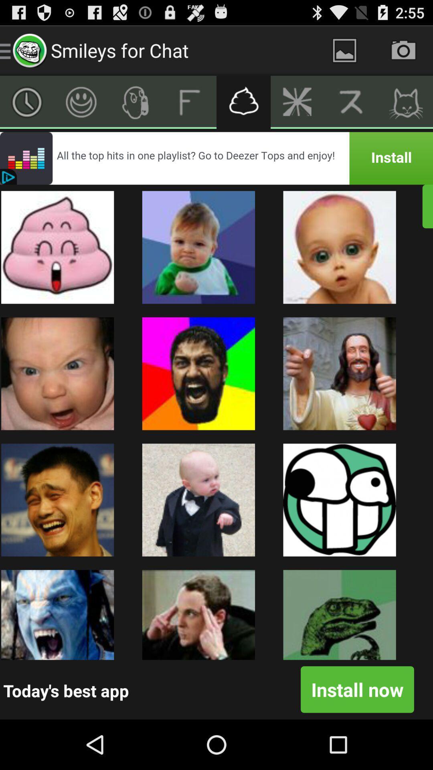 This screenshot has height=770, width=433. I want to click on to show the timer or timing, so click(26, 101).